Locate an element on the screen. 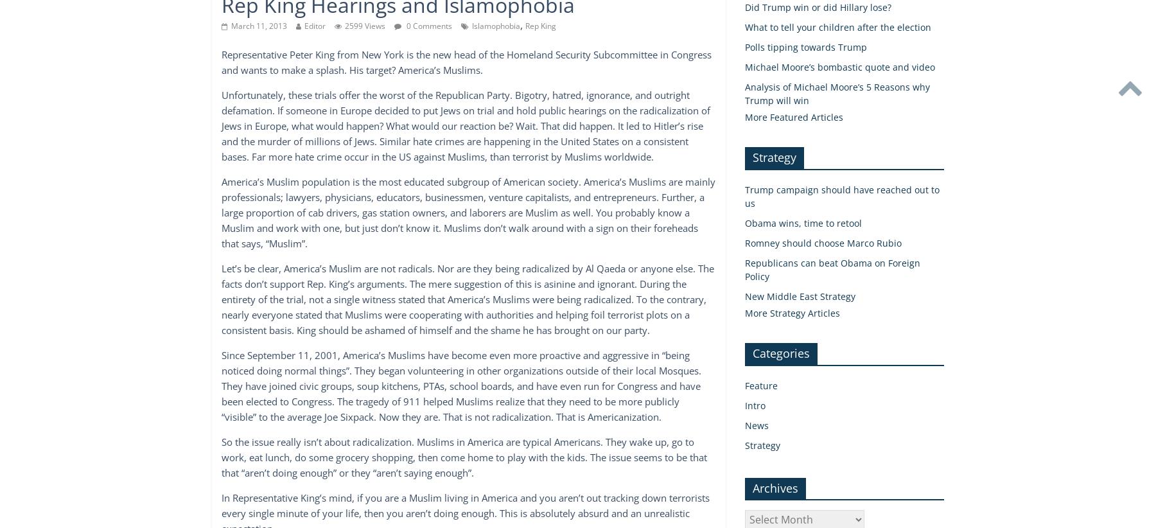 The height and width of the screenshot is (528, 1156). 'Romney should choose Marco Rubio' is located at coordinates (823, 242).